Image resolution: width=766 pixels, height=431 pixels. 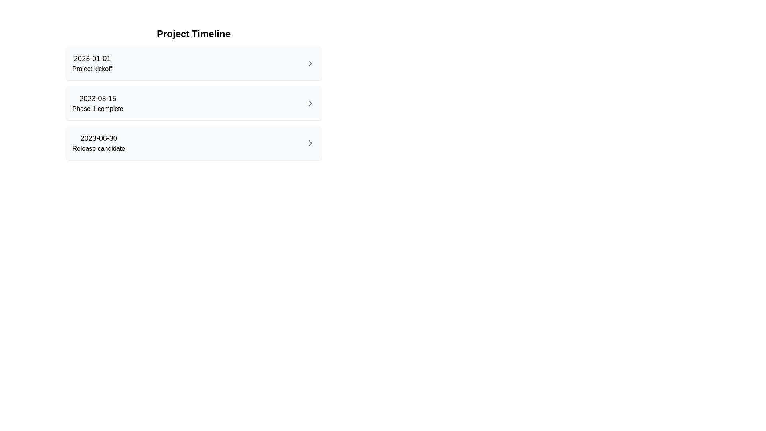 What do you see at coordinates (98, 142) in the screenshot?
I see `the text label indicating a milestone in the third row of the Project Timeline` at bounding box center [98, 142].